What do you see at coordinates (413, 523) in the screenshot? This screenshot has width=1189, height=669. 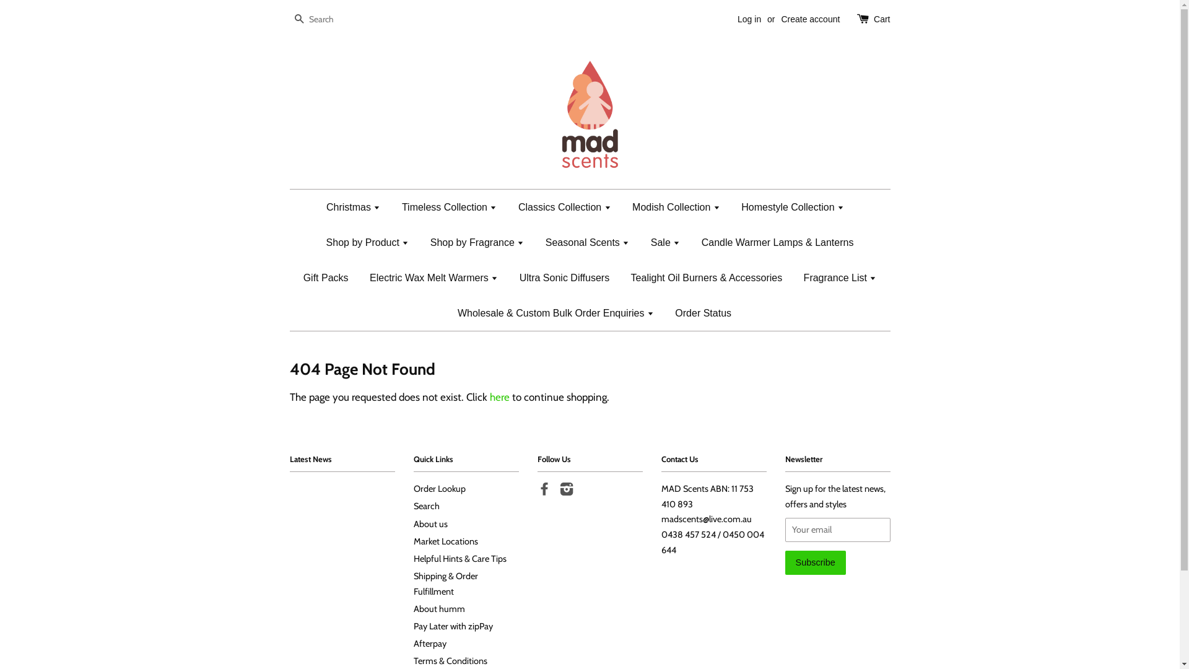 I see `'About us'` at bounding box center [413, 523].